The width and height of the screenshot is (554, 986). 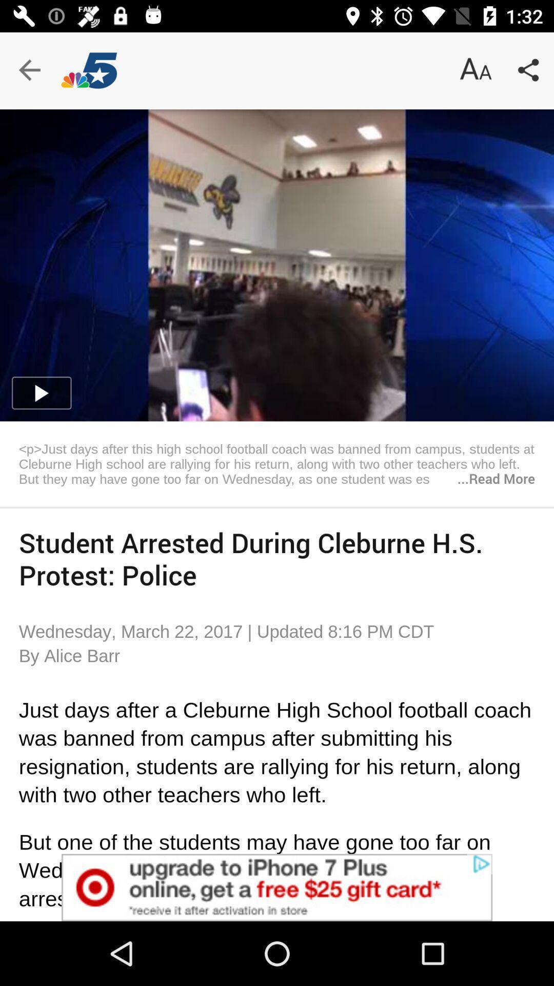 What do you see at coordinates (41, 392) in the screenshot?
I see `the play icon` at bounding box center [41, 392].